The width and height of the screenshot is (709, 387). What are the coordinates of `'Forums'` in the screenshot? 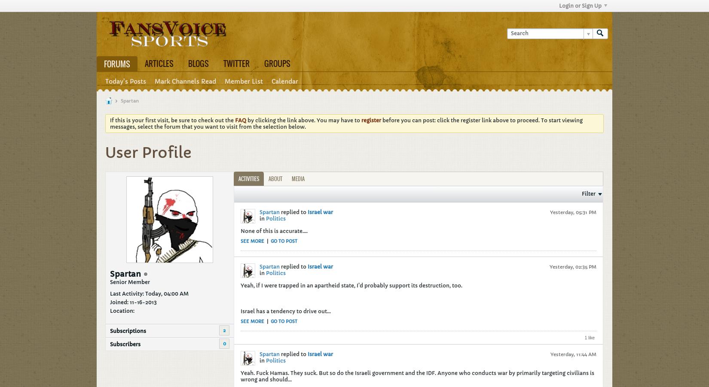 It's located at (117, 64).